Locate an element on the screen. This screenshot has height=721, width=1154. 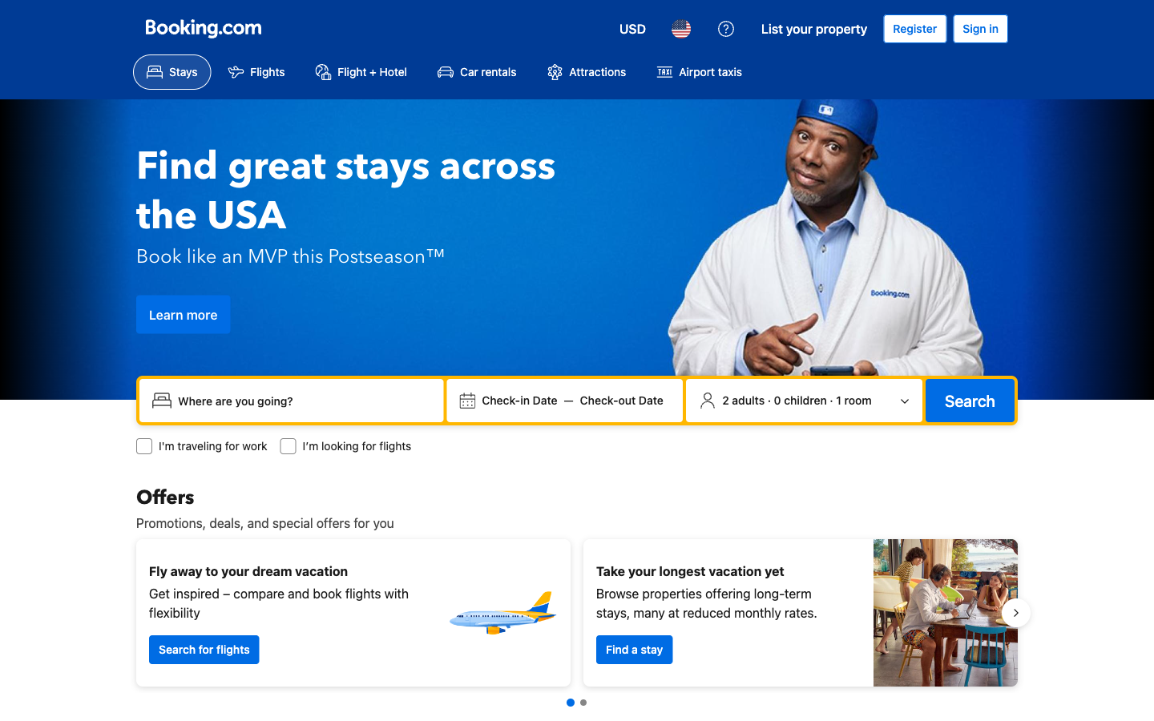
a search for properties by clicking the bottom button is located at coordinates (634, 649).